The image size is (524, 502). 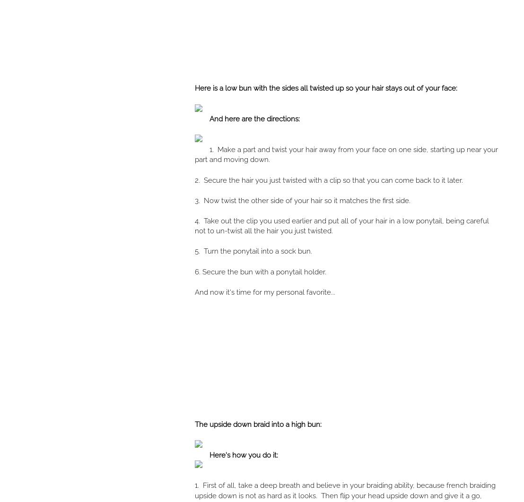 What do you see at coordinates (254, 119) in the screenshot?
I see `'And here are the directions:'` at bounding box center [254, 119].